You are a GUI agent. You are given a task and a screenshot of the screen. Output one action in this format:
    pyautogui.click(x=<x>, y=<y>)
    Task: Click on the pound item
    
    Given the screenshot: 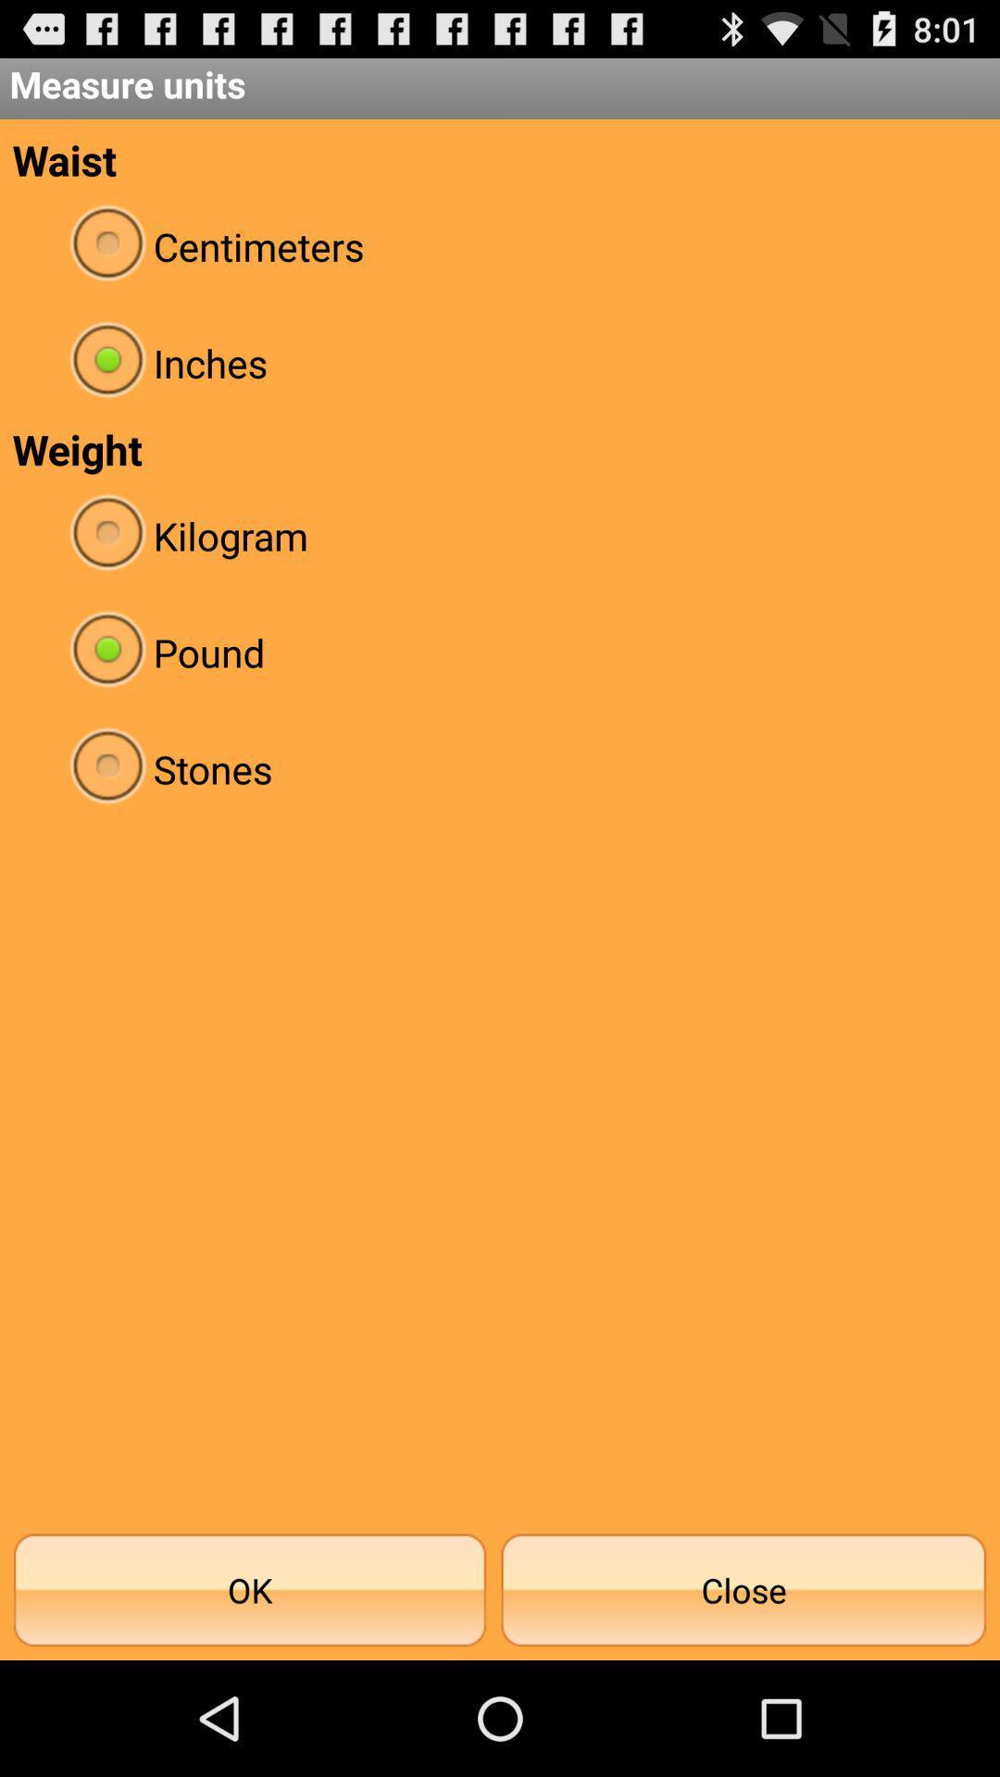 What is the action you would take?
    pyautogui.click(x=500, y=652)
    